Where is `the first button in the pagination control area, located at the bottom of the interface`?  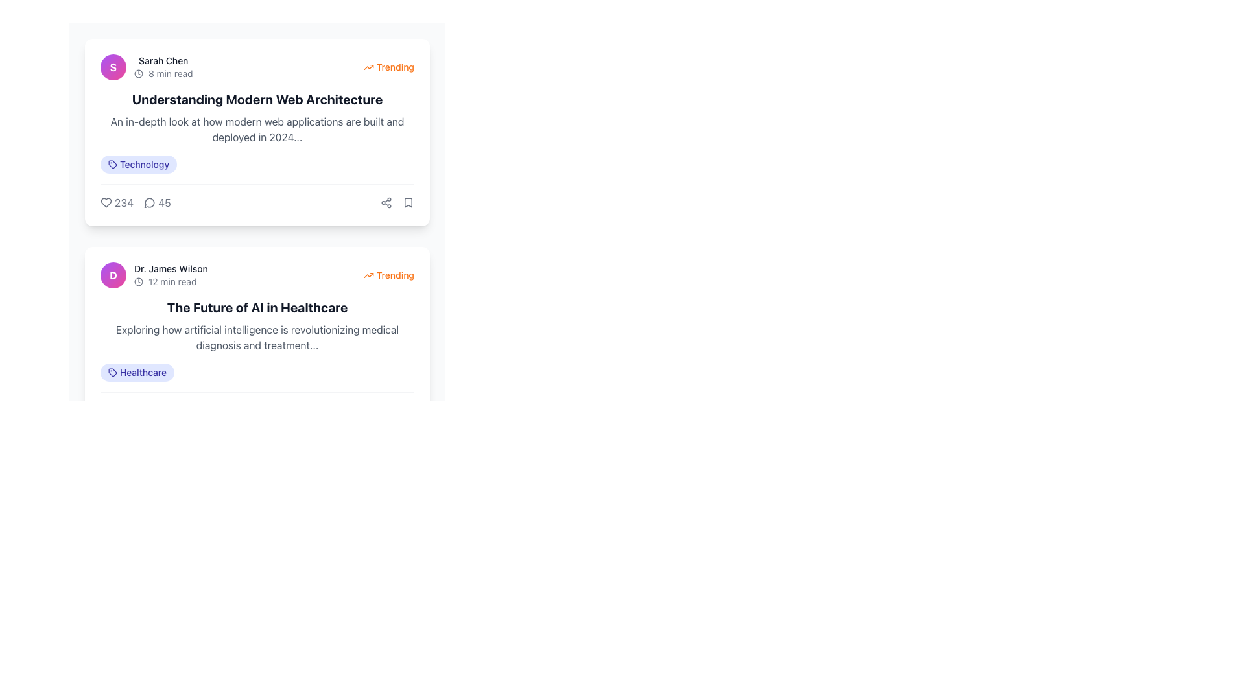
the first button in the pagination control area, located at the bottom of the interface is located at coordinates (153, 686).